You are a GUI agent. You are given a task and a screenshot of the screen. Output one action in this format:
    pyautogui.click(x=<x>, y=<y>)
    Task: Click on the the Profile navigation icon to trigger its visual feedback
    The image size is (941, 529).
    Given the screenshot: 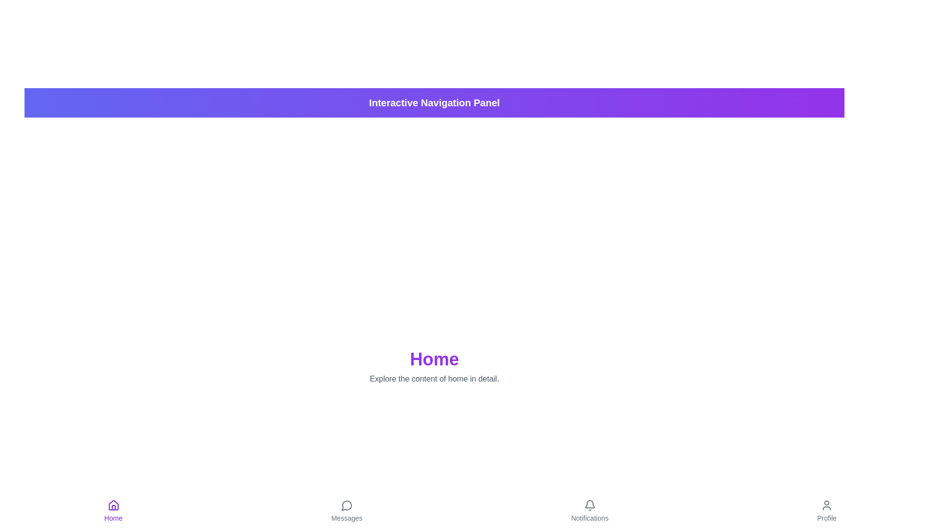 What is the action you would take?
    pyautogui.click(x=826, y=511)
    